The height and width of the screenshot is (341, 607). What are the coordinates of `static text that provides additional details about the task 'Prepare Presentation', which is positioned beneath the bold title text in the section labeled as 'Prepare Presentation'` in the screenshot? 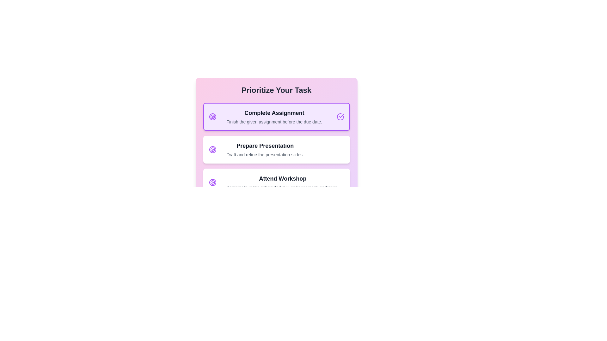 It's located at (265, 154).